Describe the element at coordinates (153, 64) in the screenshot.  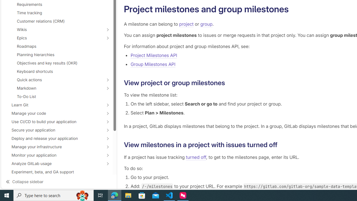
I see `'Group Milestones API'` at that location.